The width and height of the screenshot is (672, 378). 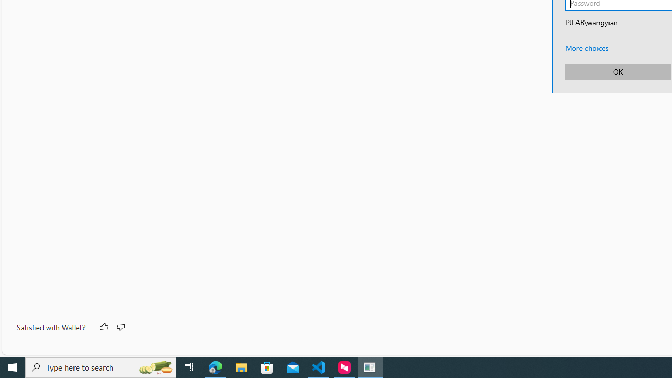 I want to click on 'Like', so click(x=103, y=327).